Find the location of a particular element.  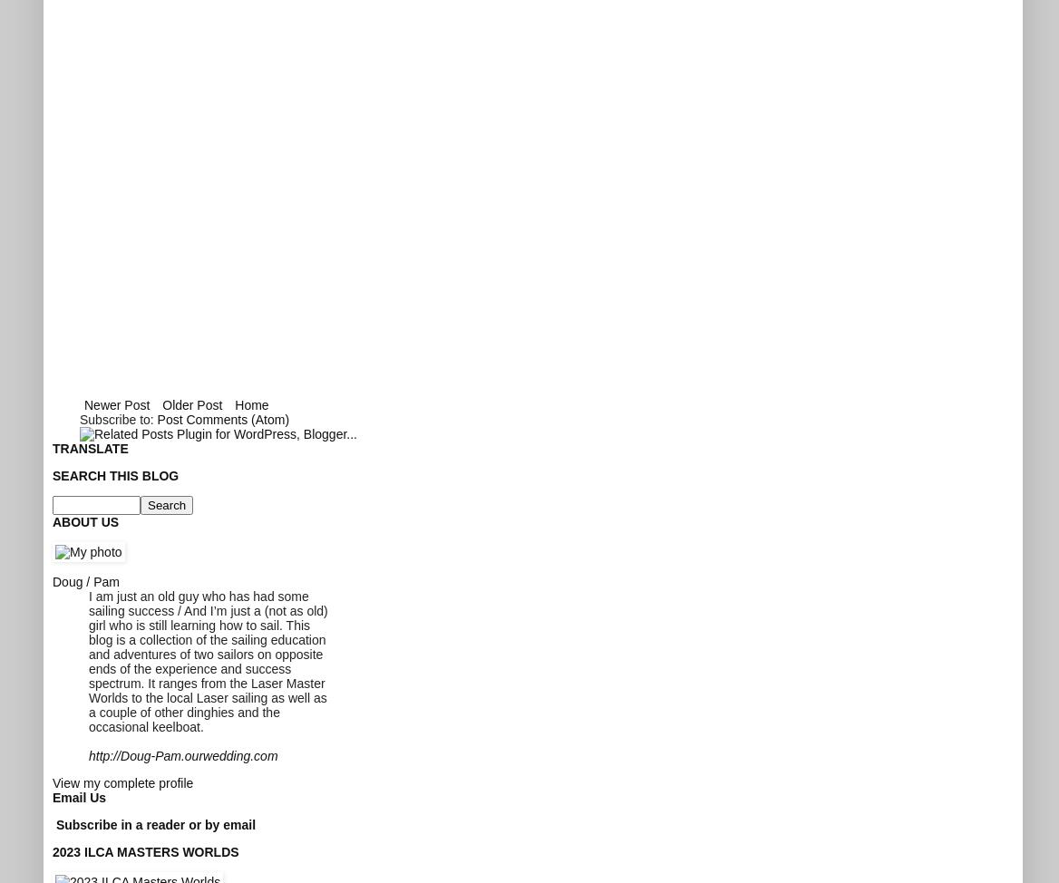

'I am just an old guy who has had some sailing success / And I’m just a (not as old) girl who is still learning how to sail. This blog is a collection of the sailing education and adventures of two sailors on opposite ends of the experience and success spectrum. It ranges from the Laser Master Worlds to the local Laser sailing as well as a couple of other dinghies and the occasional keelboat.' is located at coordinates (207, 661).